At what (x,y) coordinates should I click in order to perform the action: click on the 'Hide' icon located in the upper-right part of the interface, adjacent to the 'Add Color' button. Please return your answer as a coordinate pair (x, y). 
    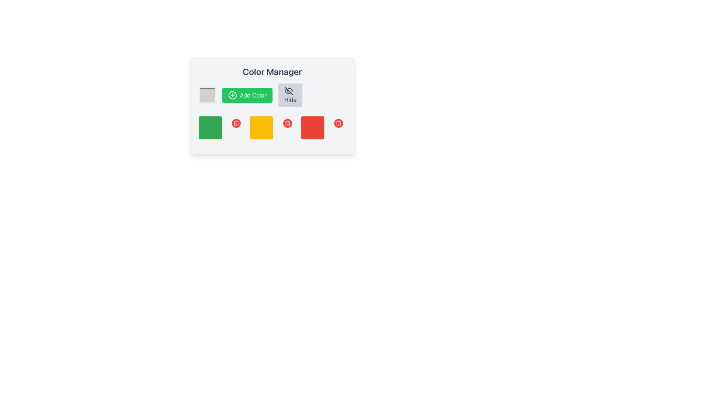
    Looking at the image, I should click on (288, 91).